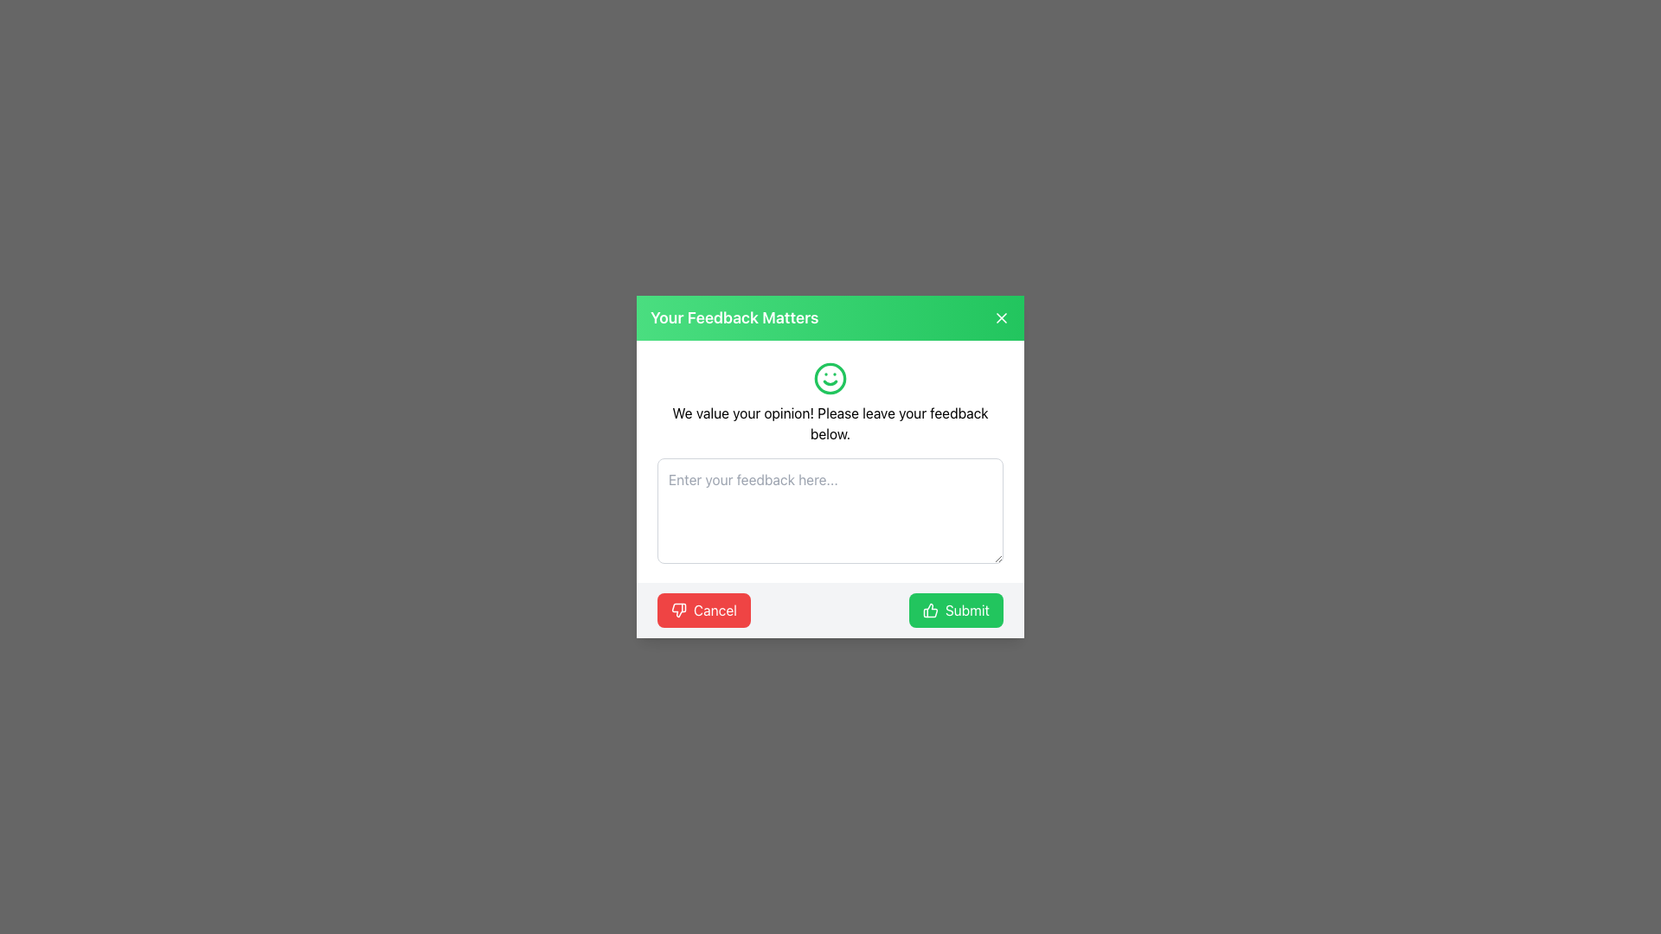 The height and width of the screenshot is (934, 1661). I want to click on the static text element that displays the message 'We value your opinion! Please leave your feedback below.', so click(830, 423).